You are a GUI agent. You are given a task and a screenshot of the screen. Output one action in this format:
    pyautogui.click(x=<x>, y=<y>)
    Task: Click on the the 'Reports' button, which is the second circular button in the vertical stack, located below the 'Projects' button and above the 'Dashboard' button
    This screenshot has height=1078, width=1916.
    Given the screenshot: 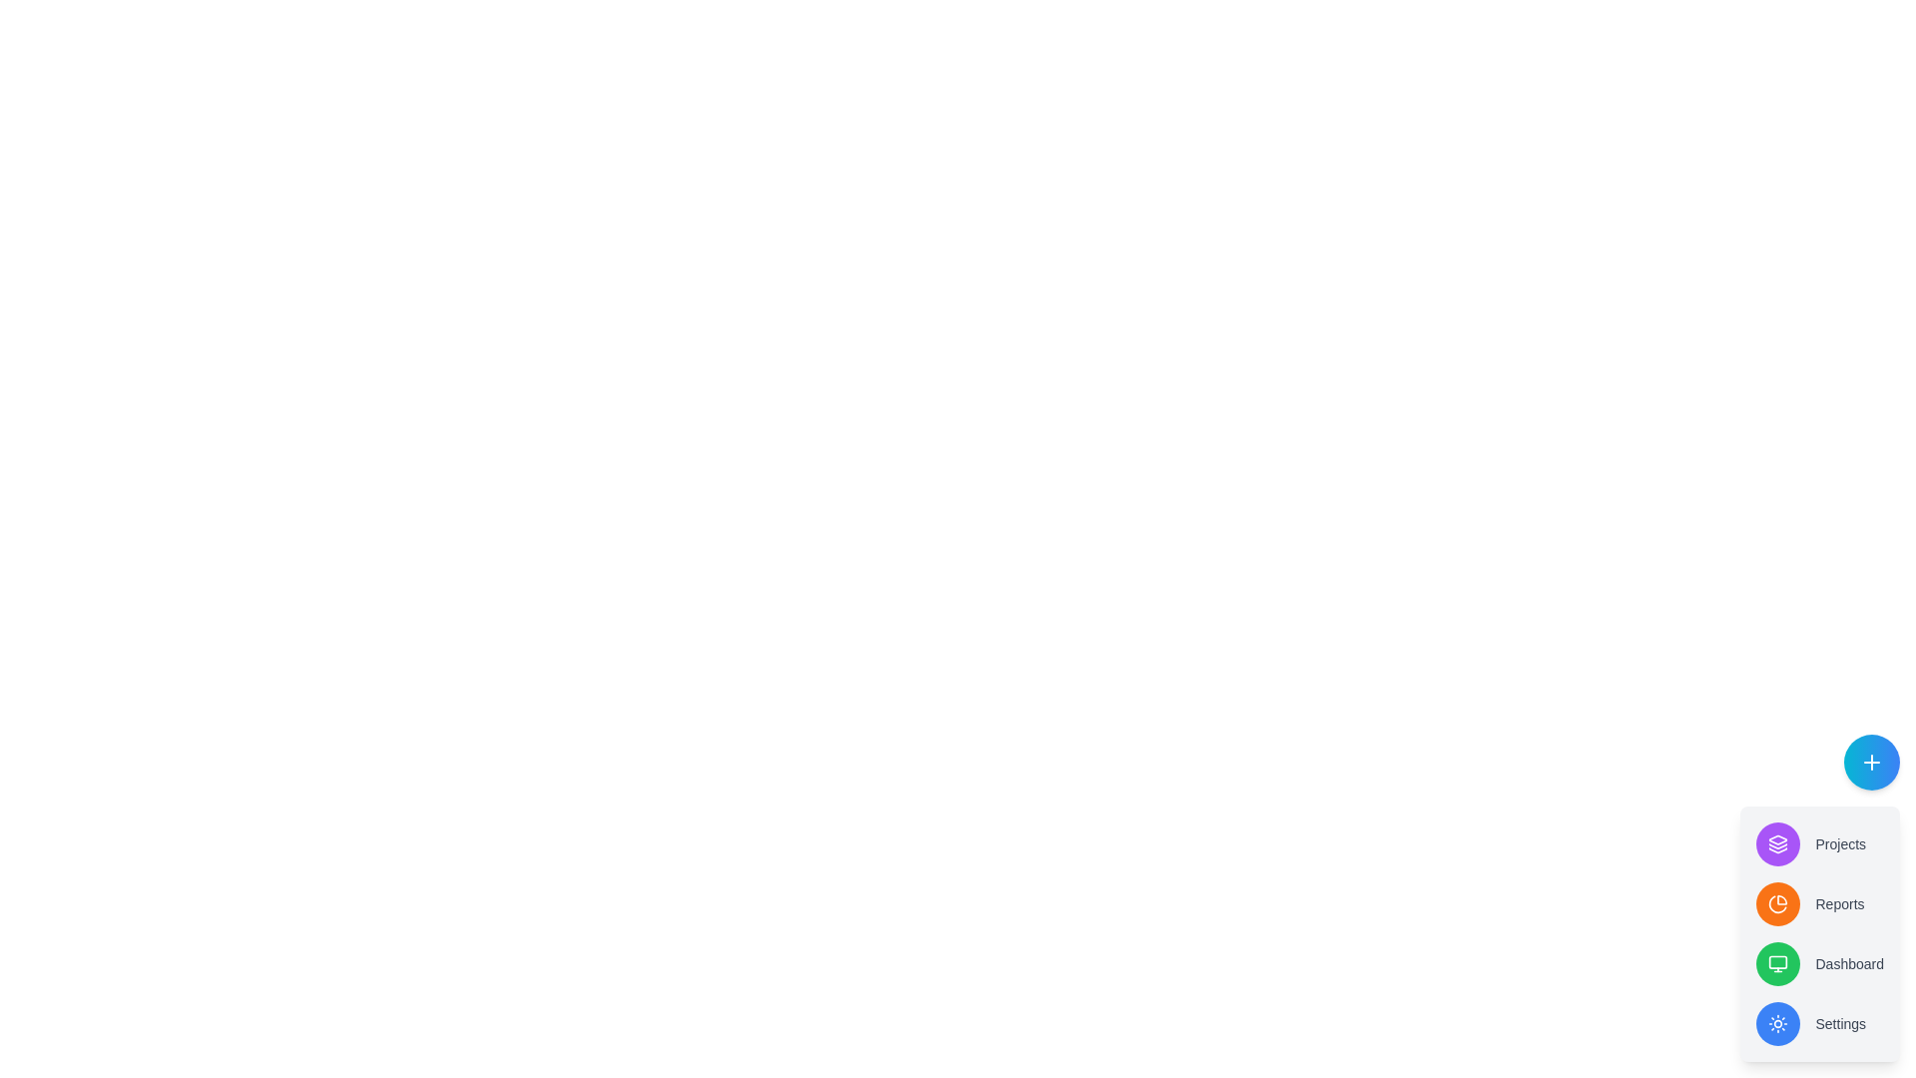 What is the action you would take?
    pyautogui.click(x=1777, y=904)
    